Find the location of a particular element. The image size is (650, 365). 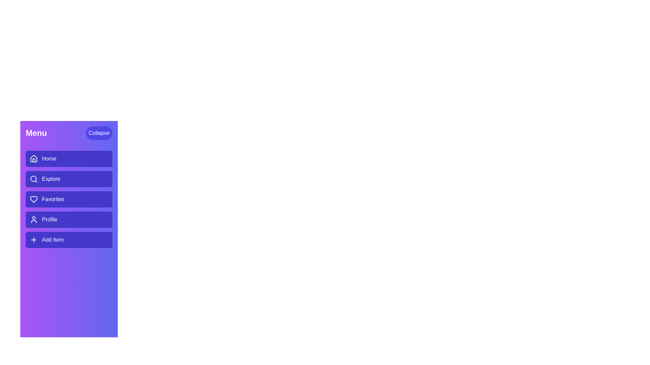

the menu item Profile to navigate to its respective section is located at coordinates (69, 220).